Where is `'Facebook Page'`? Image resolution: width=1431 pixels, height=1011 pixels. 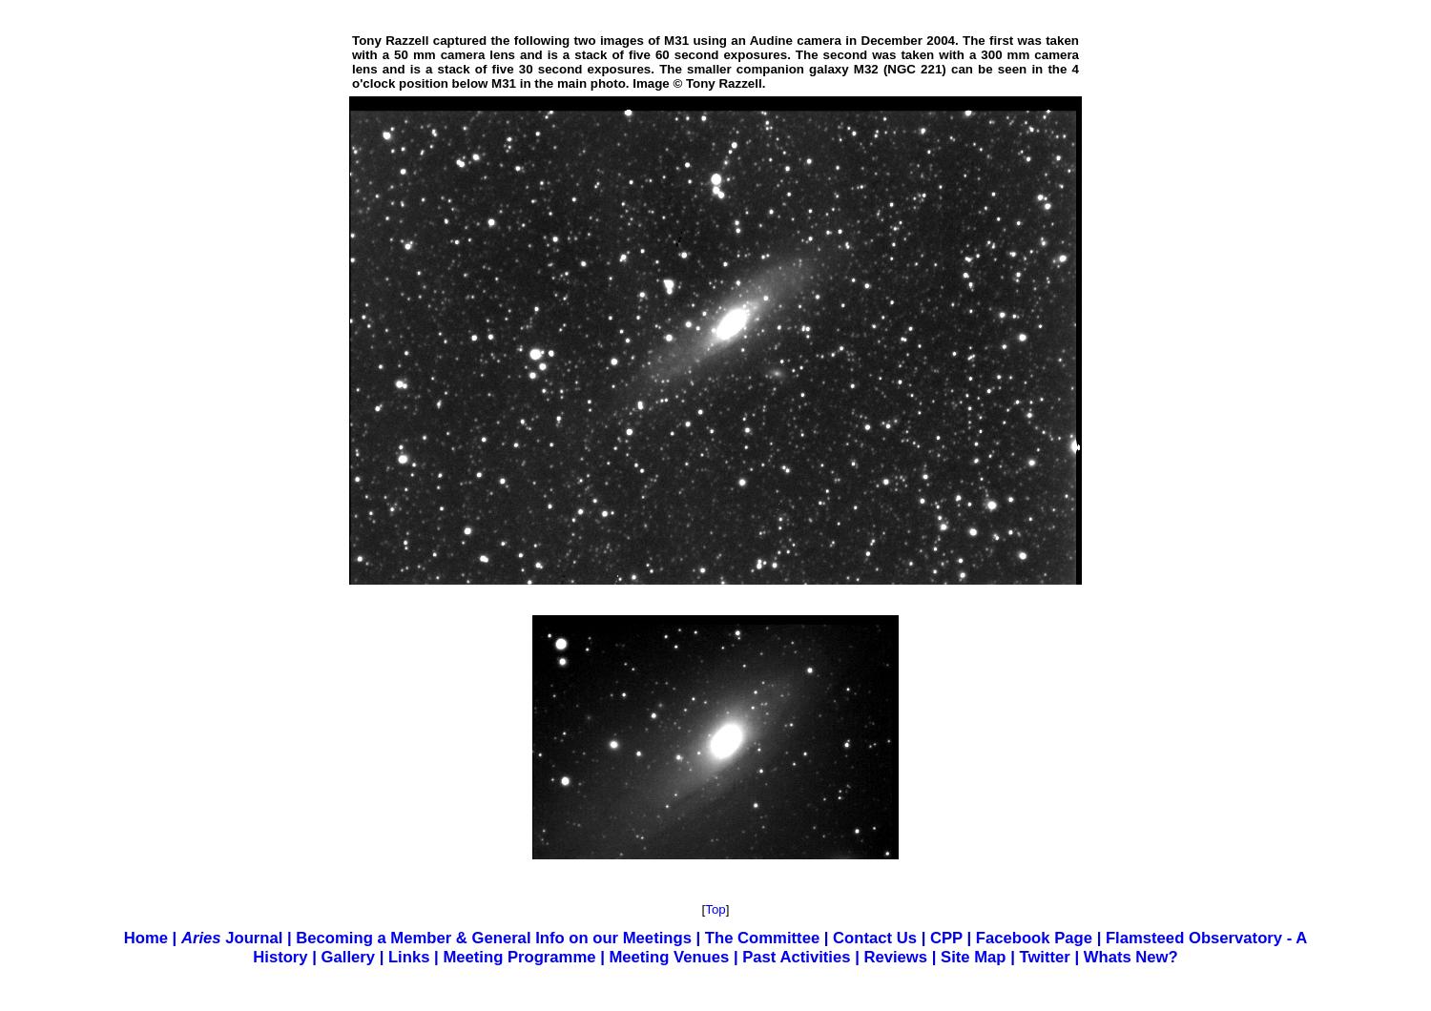
'Facebook Page' is located at coordinates (1032, 937).